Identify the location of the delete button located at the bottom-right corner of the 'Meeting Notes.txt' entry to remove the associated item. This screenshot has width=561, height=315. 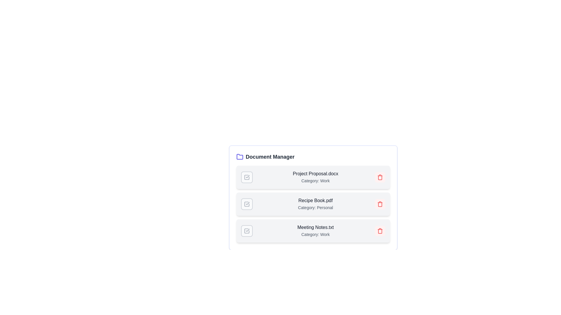
(380, 230).